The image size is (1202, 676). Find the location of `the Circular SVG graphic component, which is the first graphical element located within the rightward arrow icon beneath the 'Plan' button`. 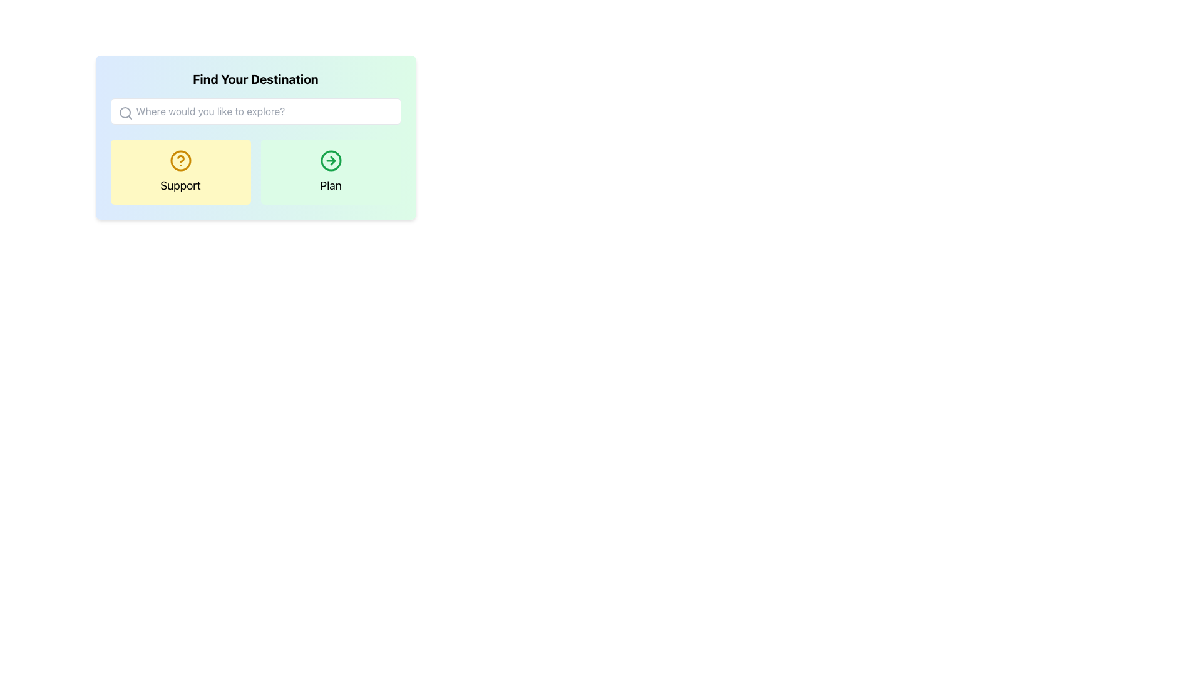

the Circular SVG graphic component, which is the first graphical element located within the rightward arrow icon beneath the 'Plan' button is located at coordinates (331, 160).